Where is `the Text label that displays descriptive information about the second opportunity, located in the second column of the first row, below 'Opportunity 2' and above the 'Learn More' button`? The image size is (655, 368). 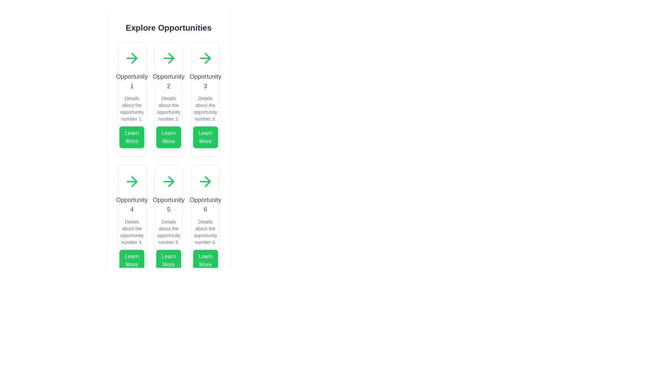 the Text label that displays descriptive information about the second opportunity, located in the second column of the first row, below 'Opportunity 2' and above the 'Learn More' button is located at coordinates (169, 108).